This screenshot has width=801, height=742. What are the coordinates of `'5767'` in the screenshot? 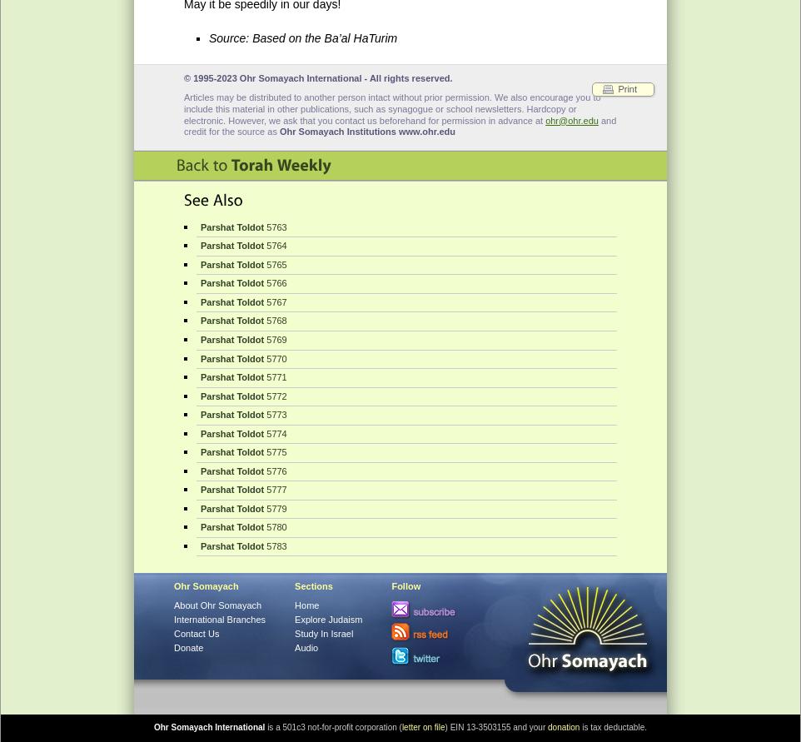 It's located at (274, 301).